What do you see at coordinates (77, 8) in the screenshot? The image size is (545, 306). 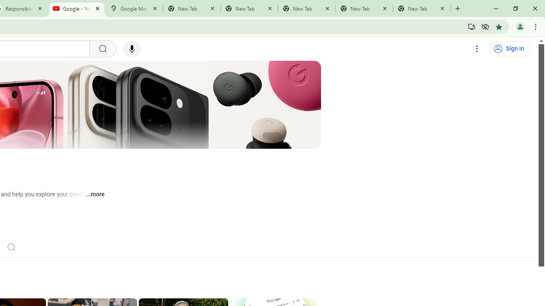 I see `'Google - YouTube'` at bounding box center [77, 8].